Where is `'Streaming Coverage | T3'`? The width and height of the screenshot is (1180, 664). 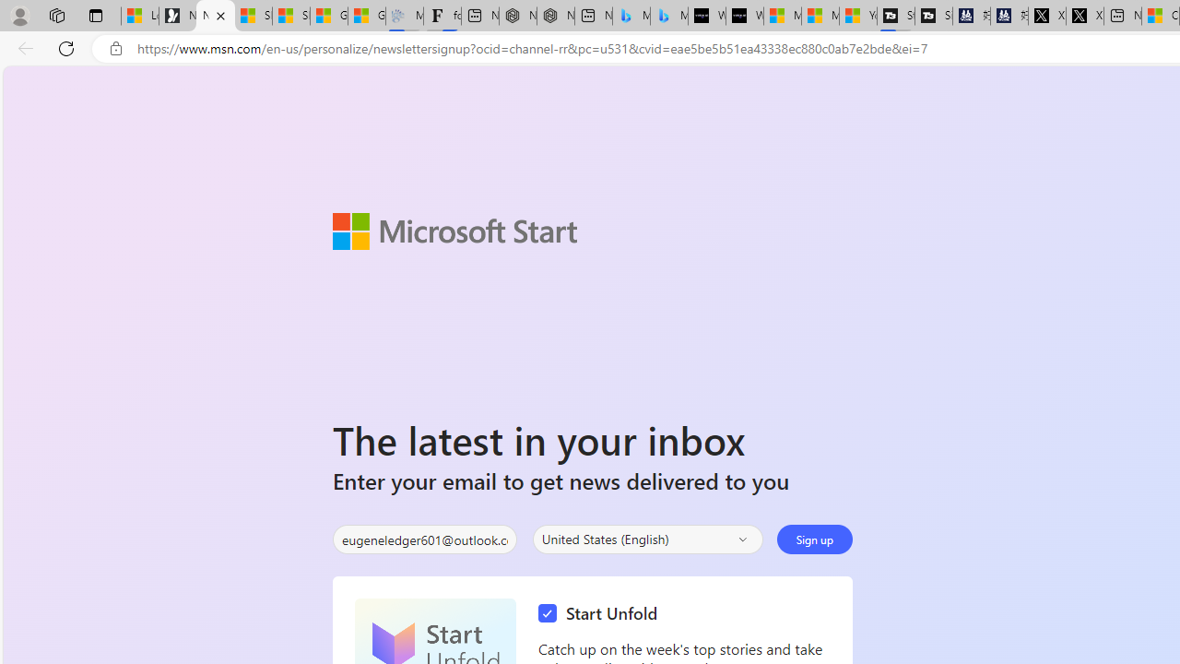
'Streaming Coverage | T3' is located at coordinates (896, 16).